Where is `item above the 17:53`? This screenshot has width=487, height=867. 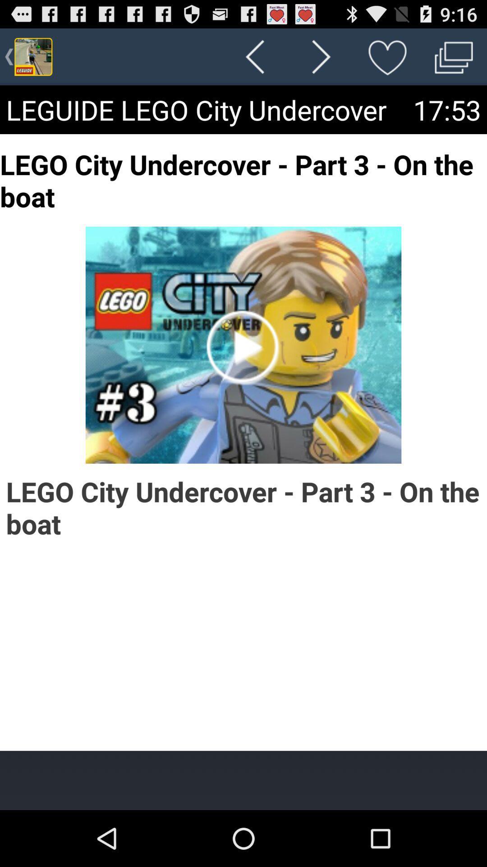 item above the 17:53 is located at coordinates (454, 56).